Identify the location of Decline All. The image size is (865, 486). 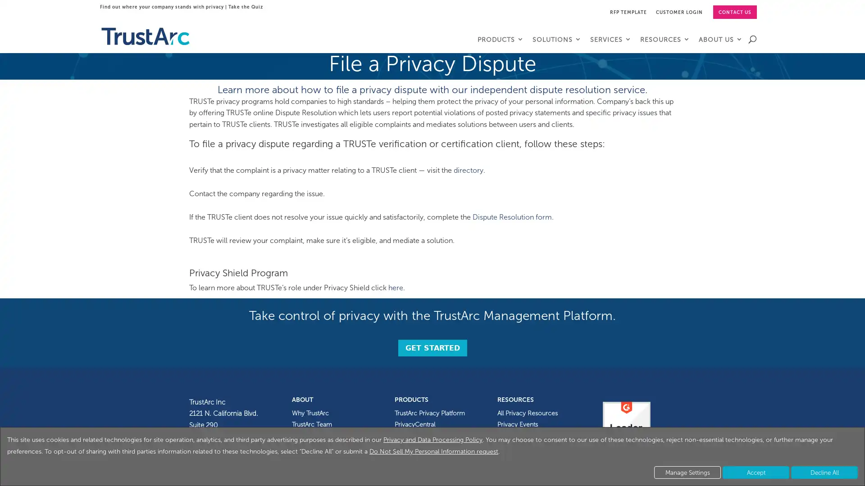
(824, 472).